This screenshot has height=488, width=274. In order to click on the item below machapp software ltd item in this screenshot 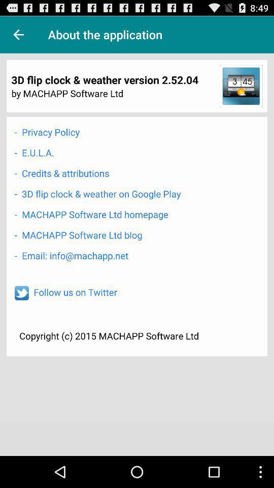, I will do `click(71, 255)`.